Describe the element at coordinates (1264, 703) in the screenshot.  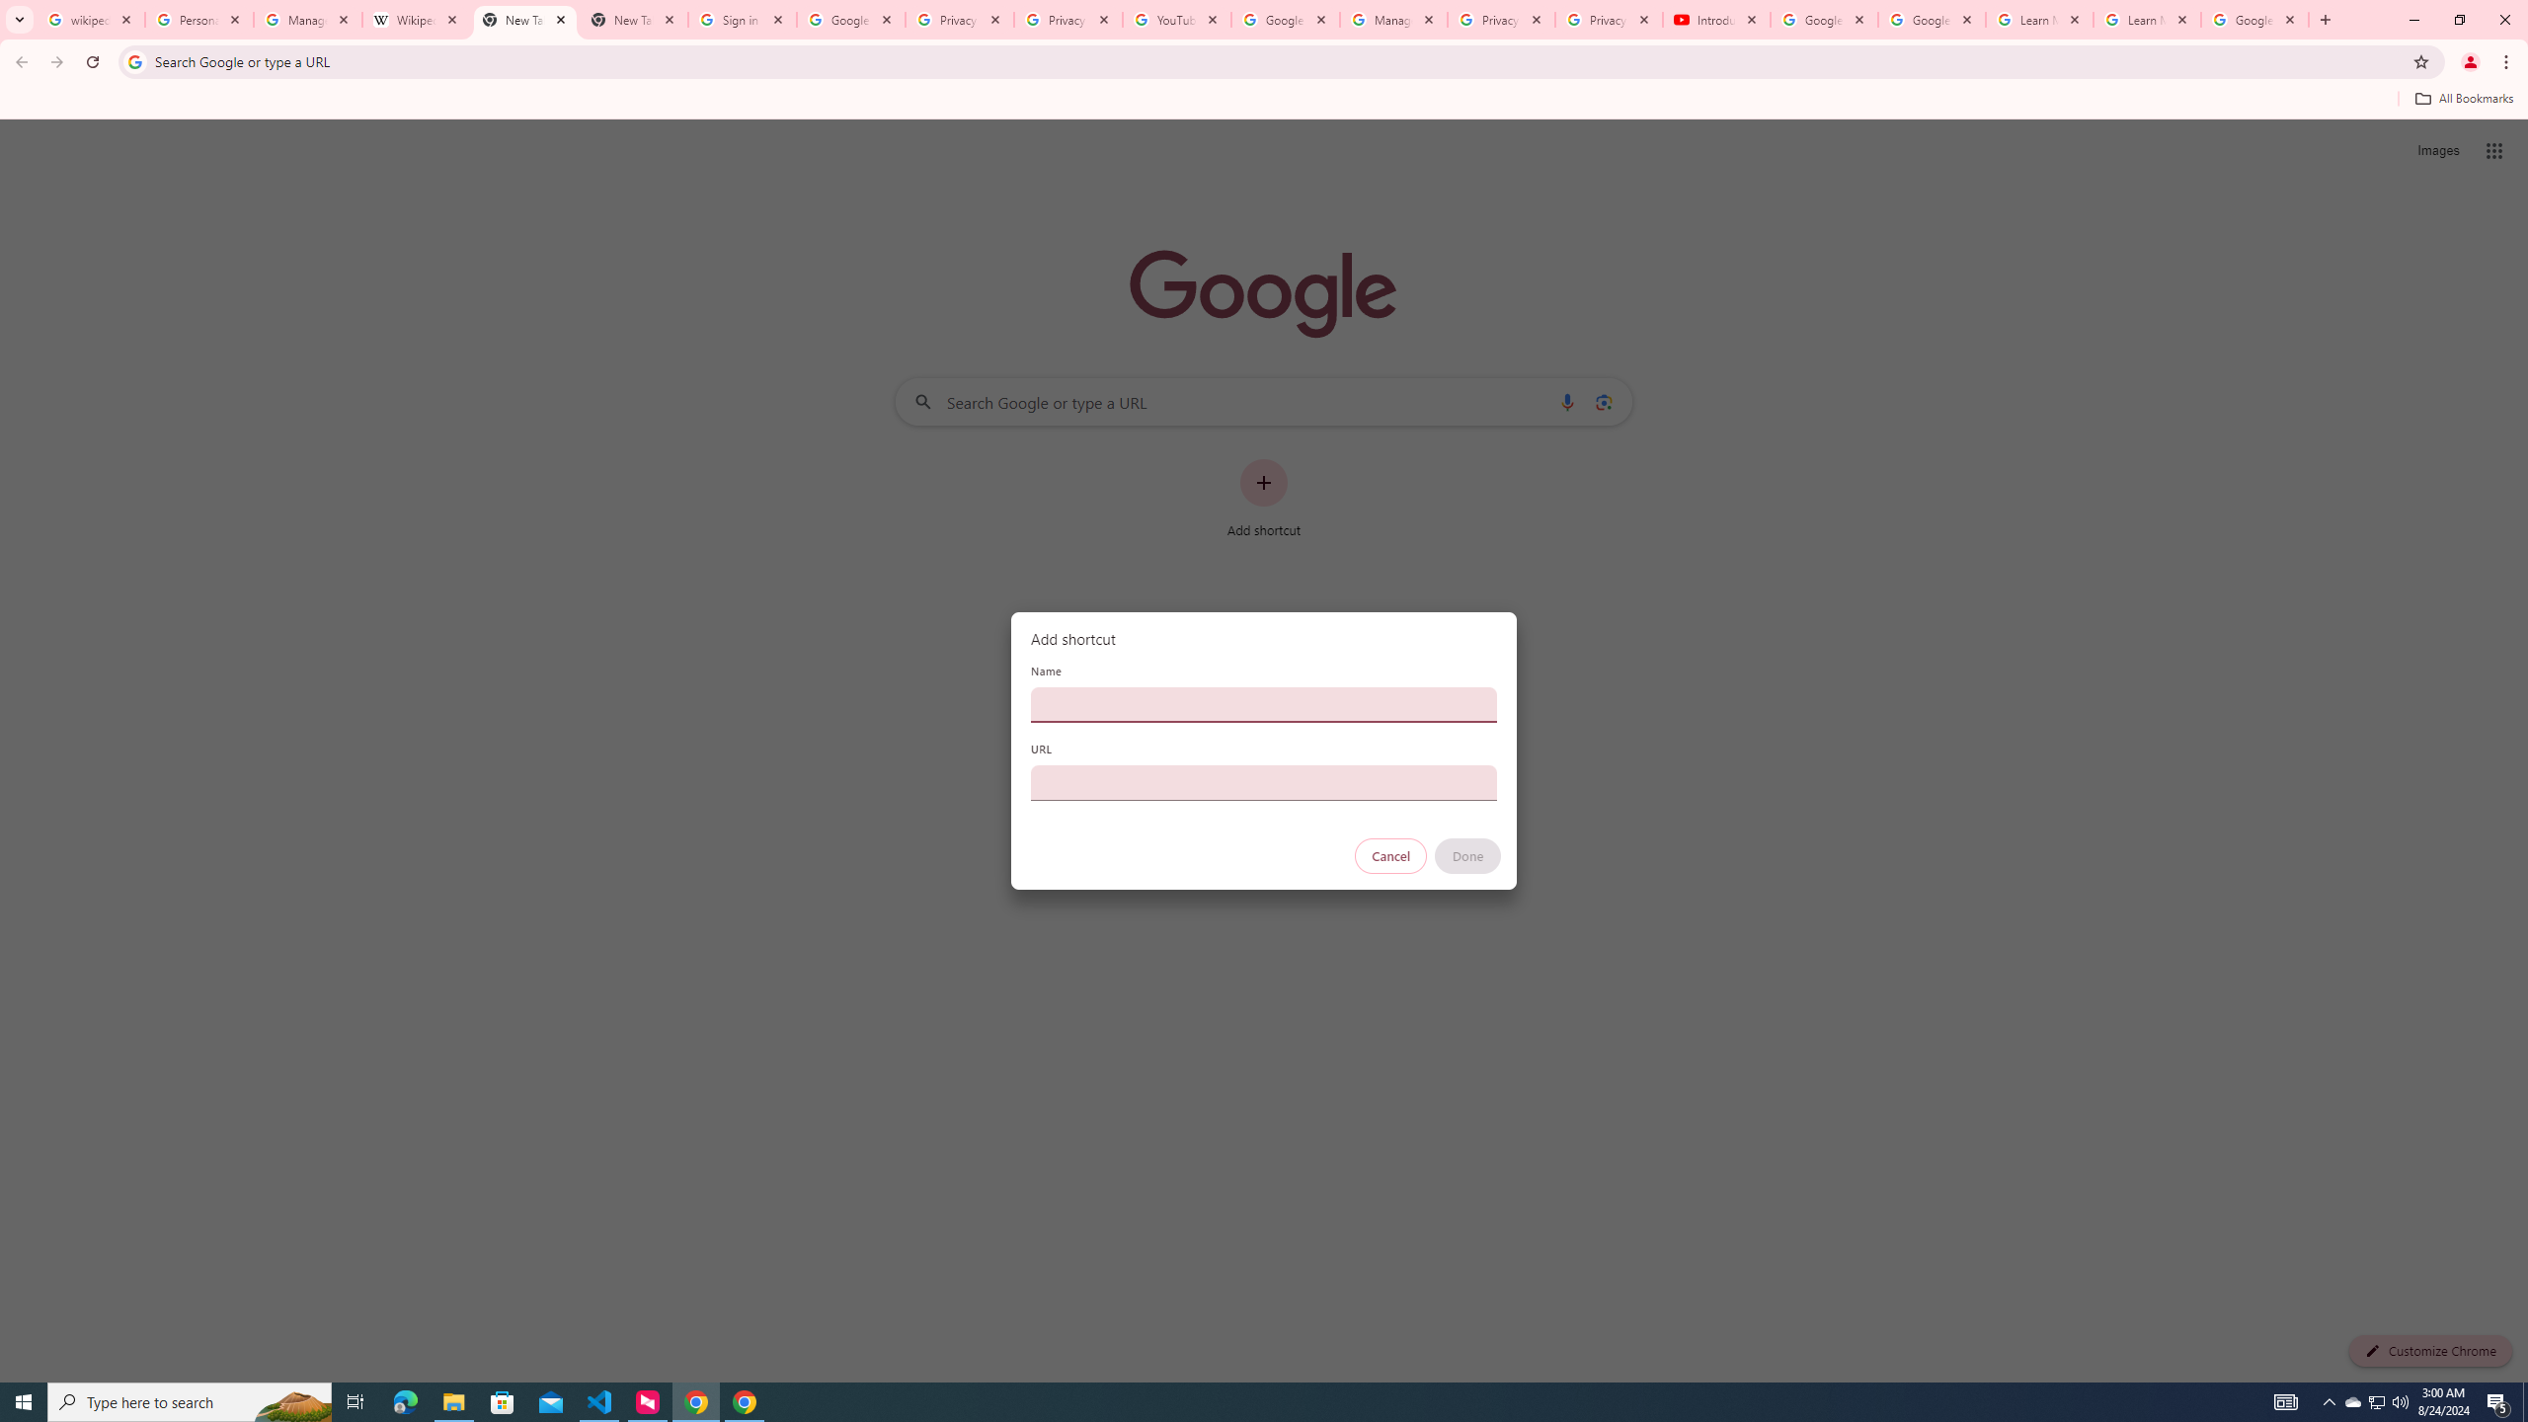
I see `'Name'` at that location.